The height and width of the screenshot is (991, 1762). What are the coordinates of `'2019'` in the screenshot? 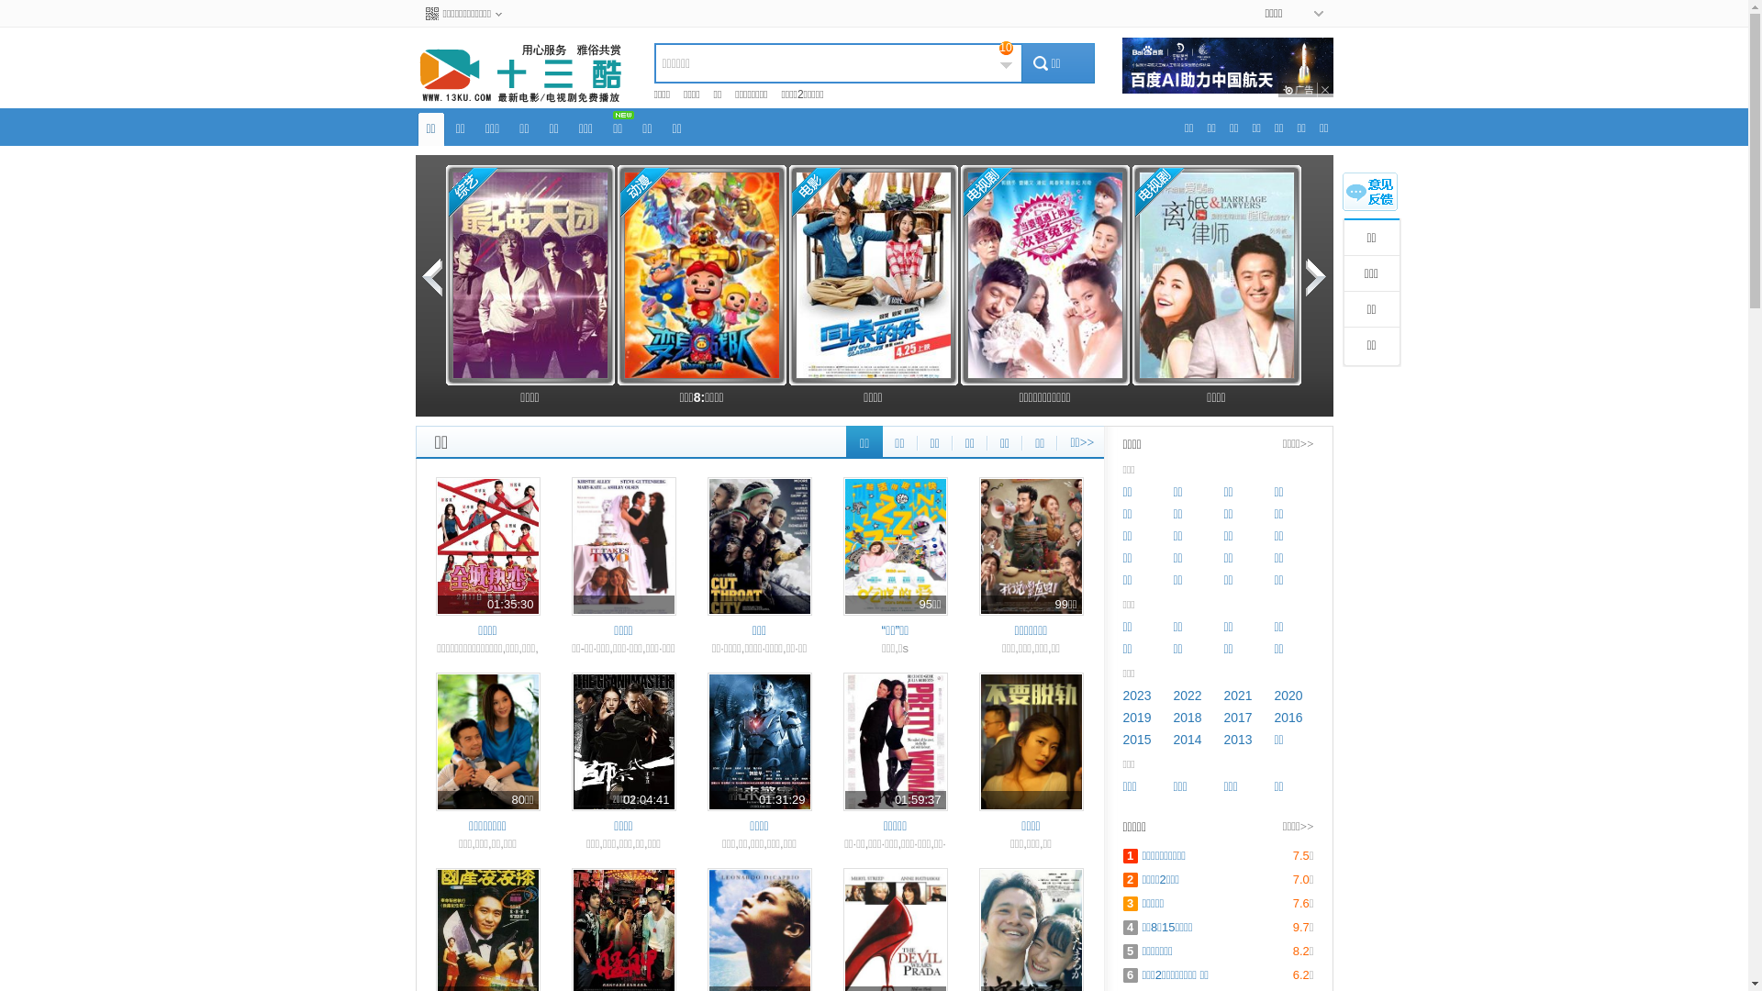 It's located at (1136, 717).